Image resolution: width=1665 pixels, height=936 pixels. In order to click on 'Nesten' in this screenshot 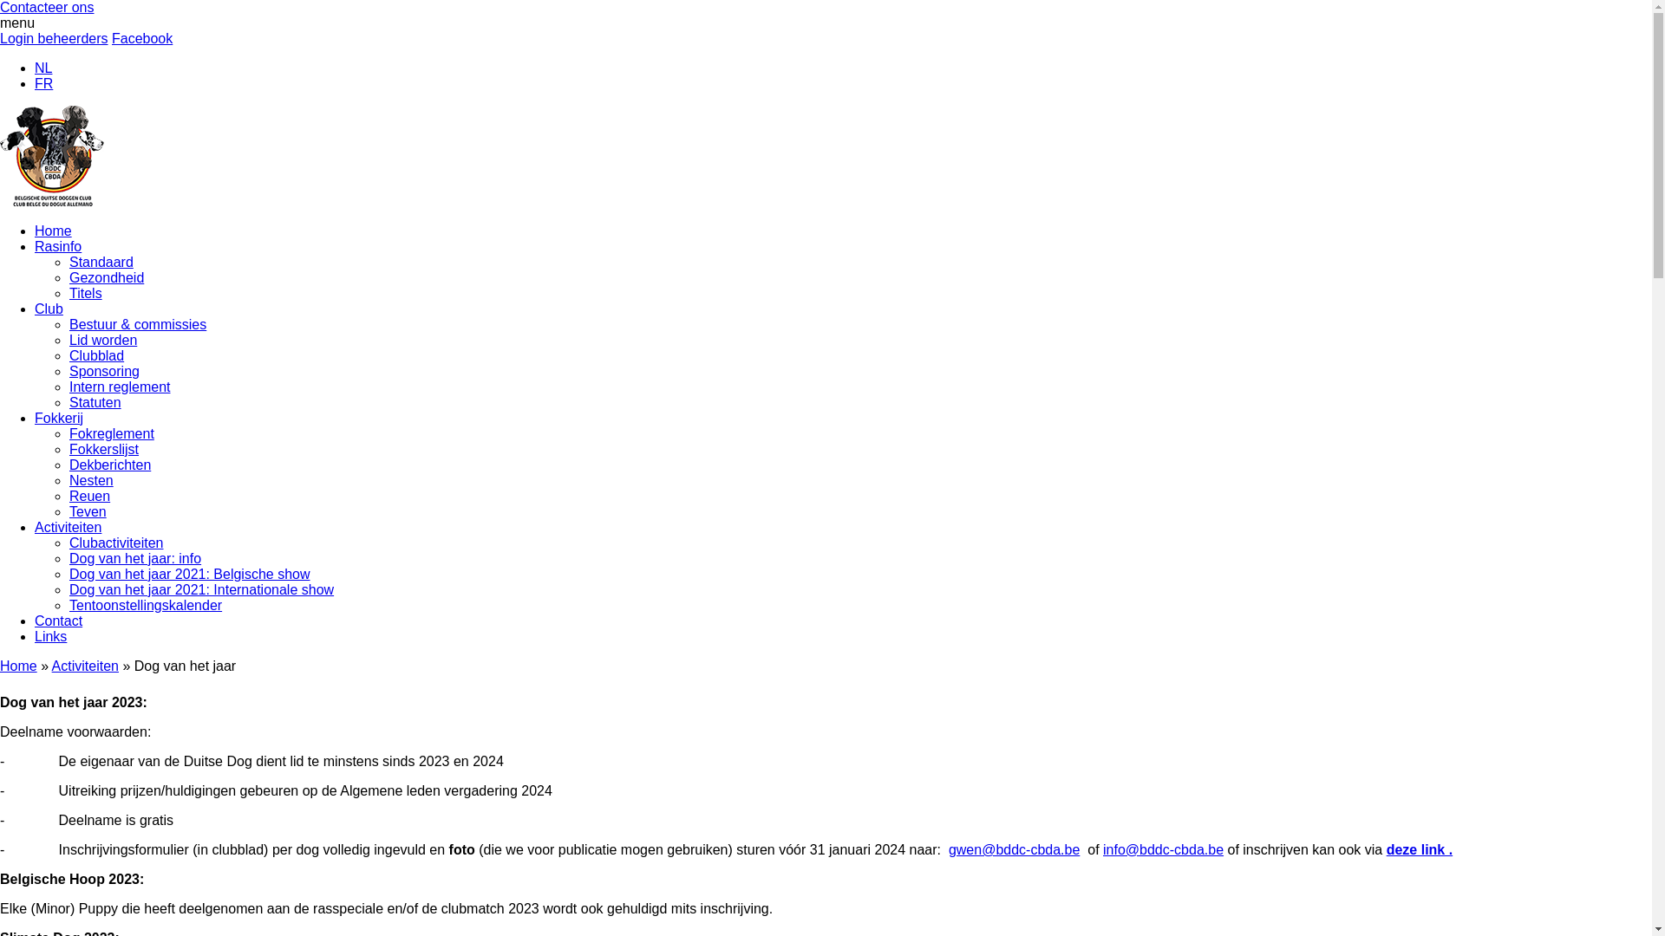, I will do `click(69, 480)`.